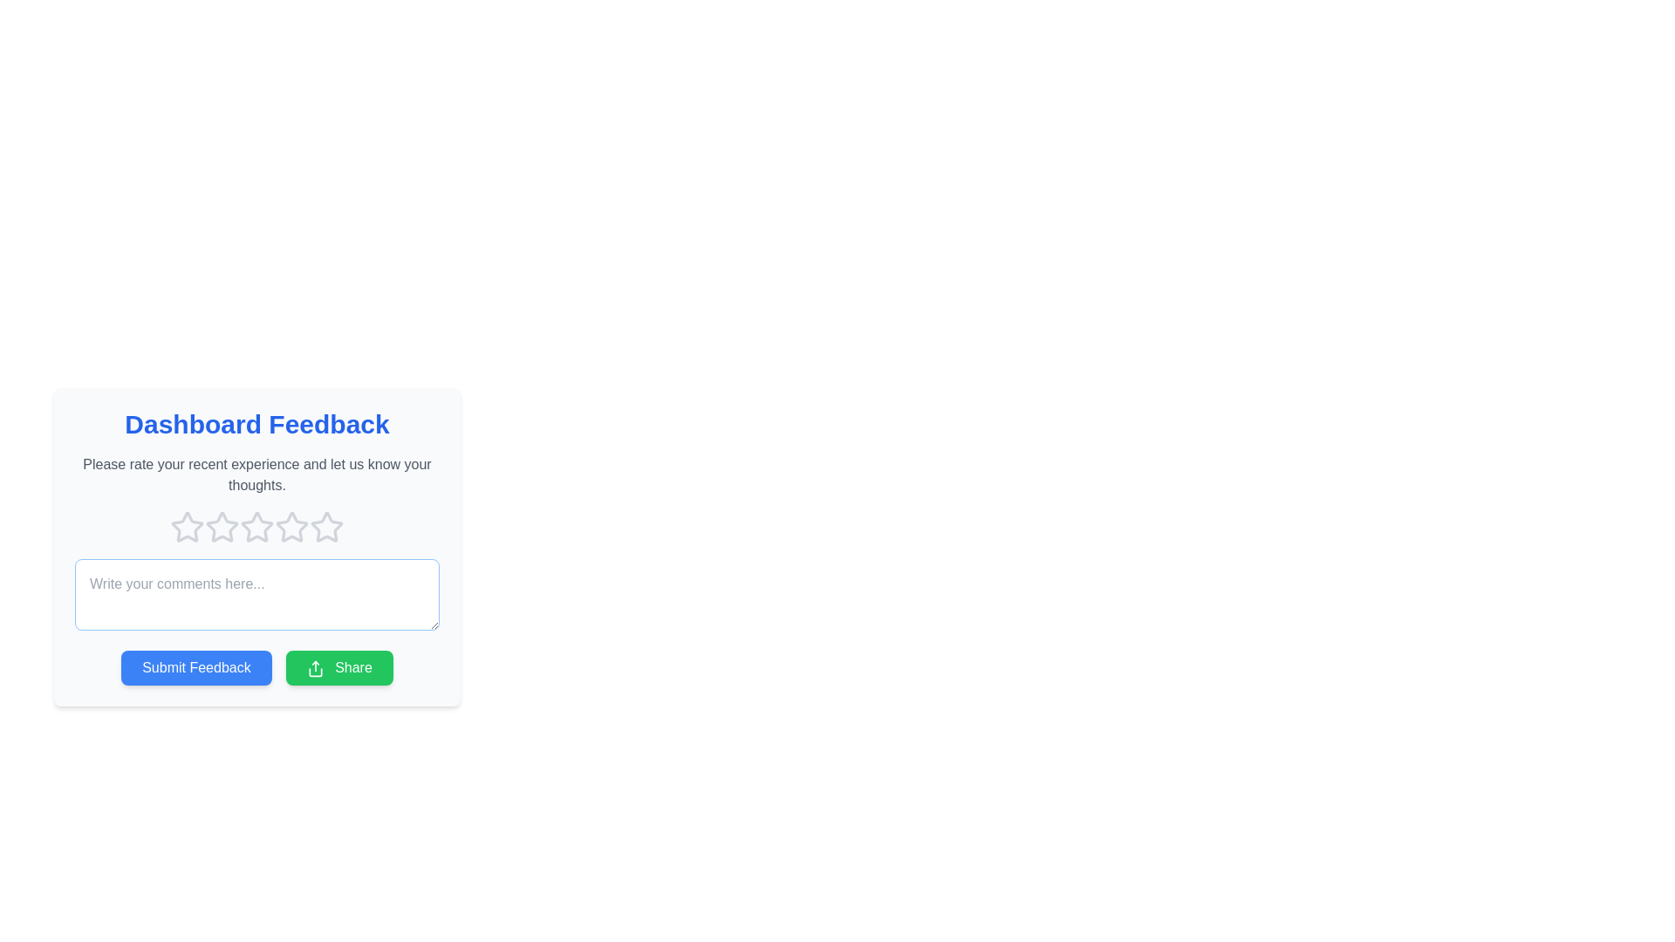 The width and height of the screenshot is (1675, 942). I want to click on the third star icon in the row of rating stars to rate the experience, so click(256, 527).